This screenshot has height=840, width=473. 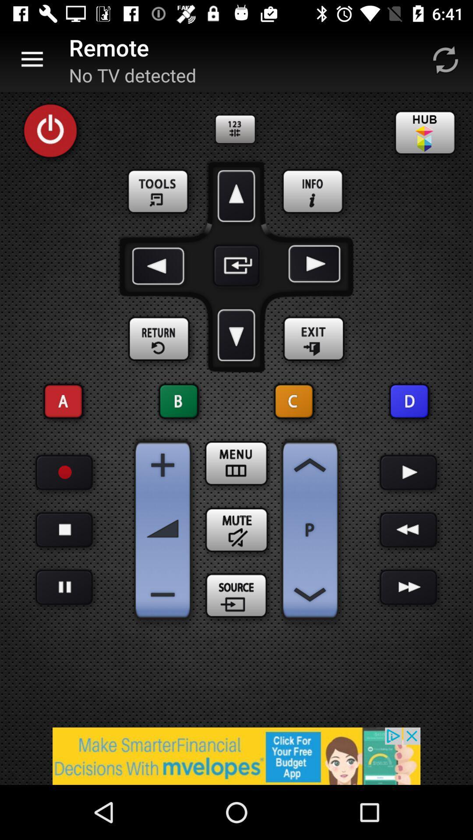 I want to click on next, so click(x=409, y=587).